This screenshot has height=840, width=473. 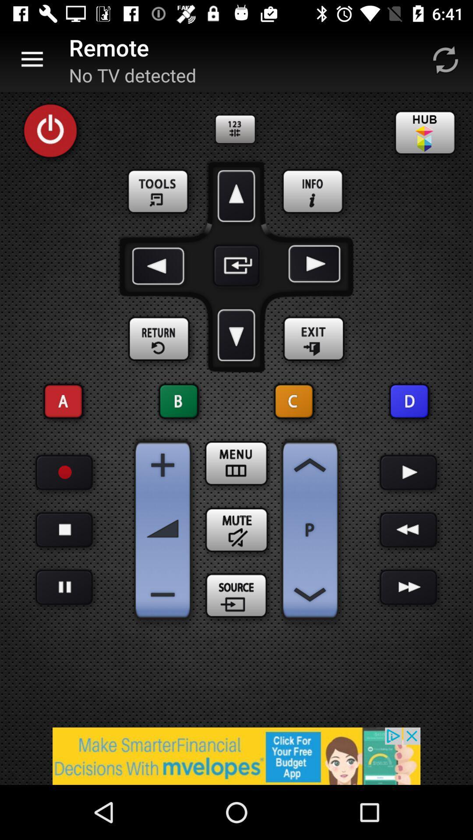 I want to click on next, so click(x=409, y=587).